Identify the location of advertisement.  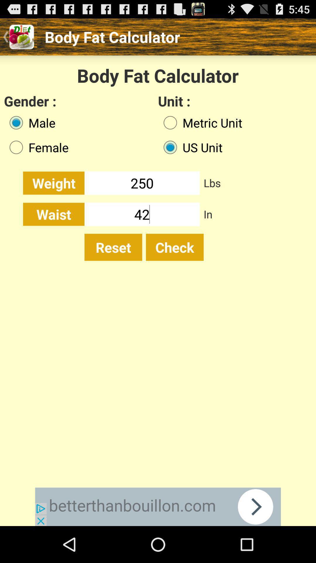
(158, 506).